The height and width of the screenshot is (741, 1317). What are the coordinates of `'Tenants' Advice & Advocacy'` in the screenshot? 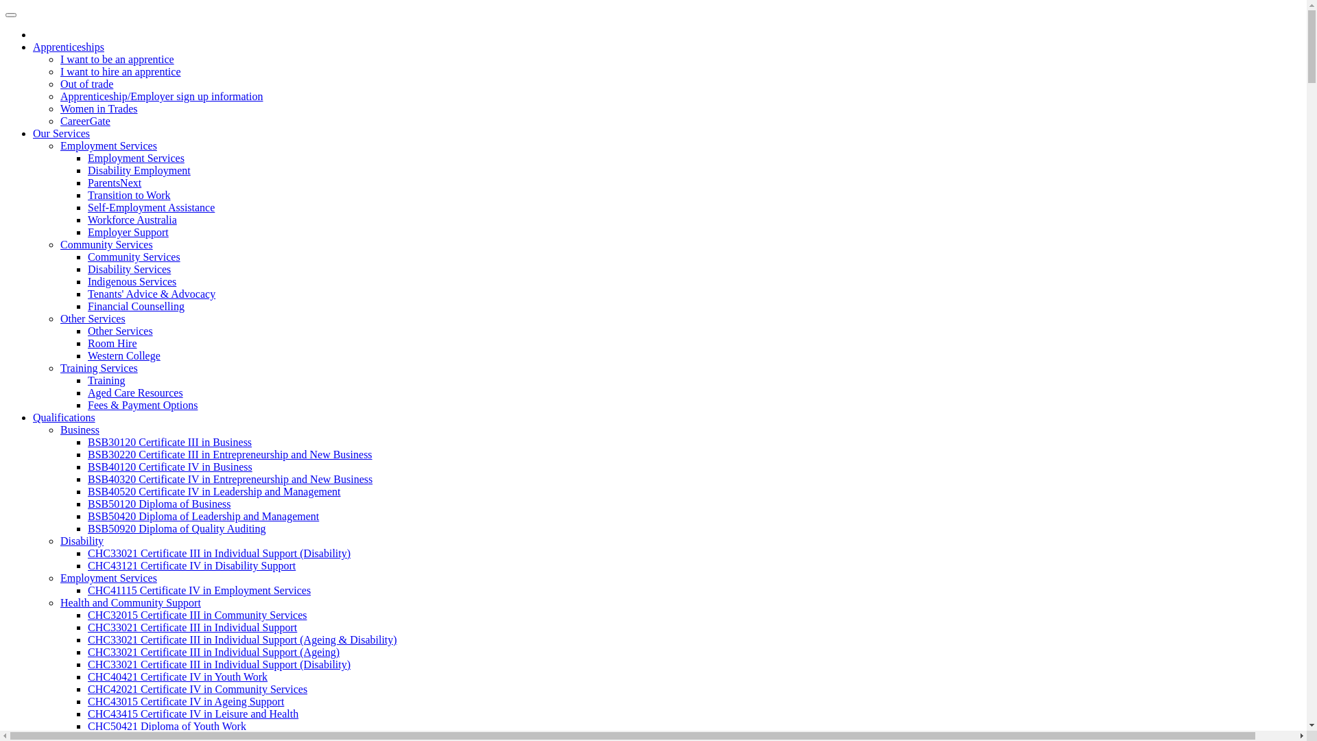 It's located at (151, 293).